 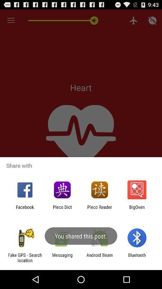 What do you see at coordinates (137, 257) in the screenshot?
I see `bluetooth item` at bounding box center [137, 257].